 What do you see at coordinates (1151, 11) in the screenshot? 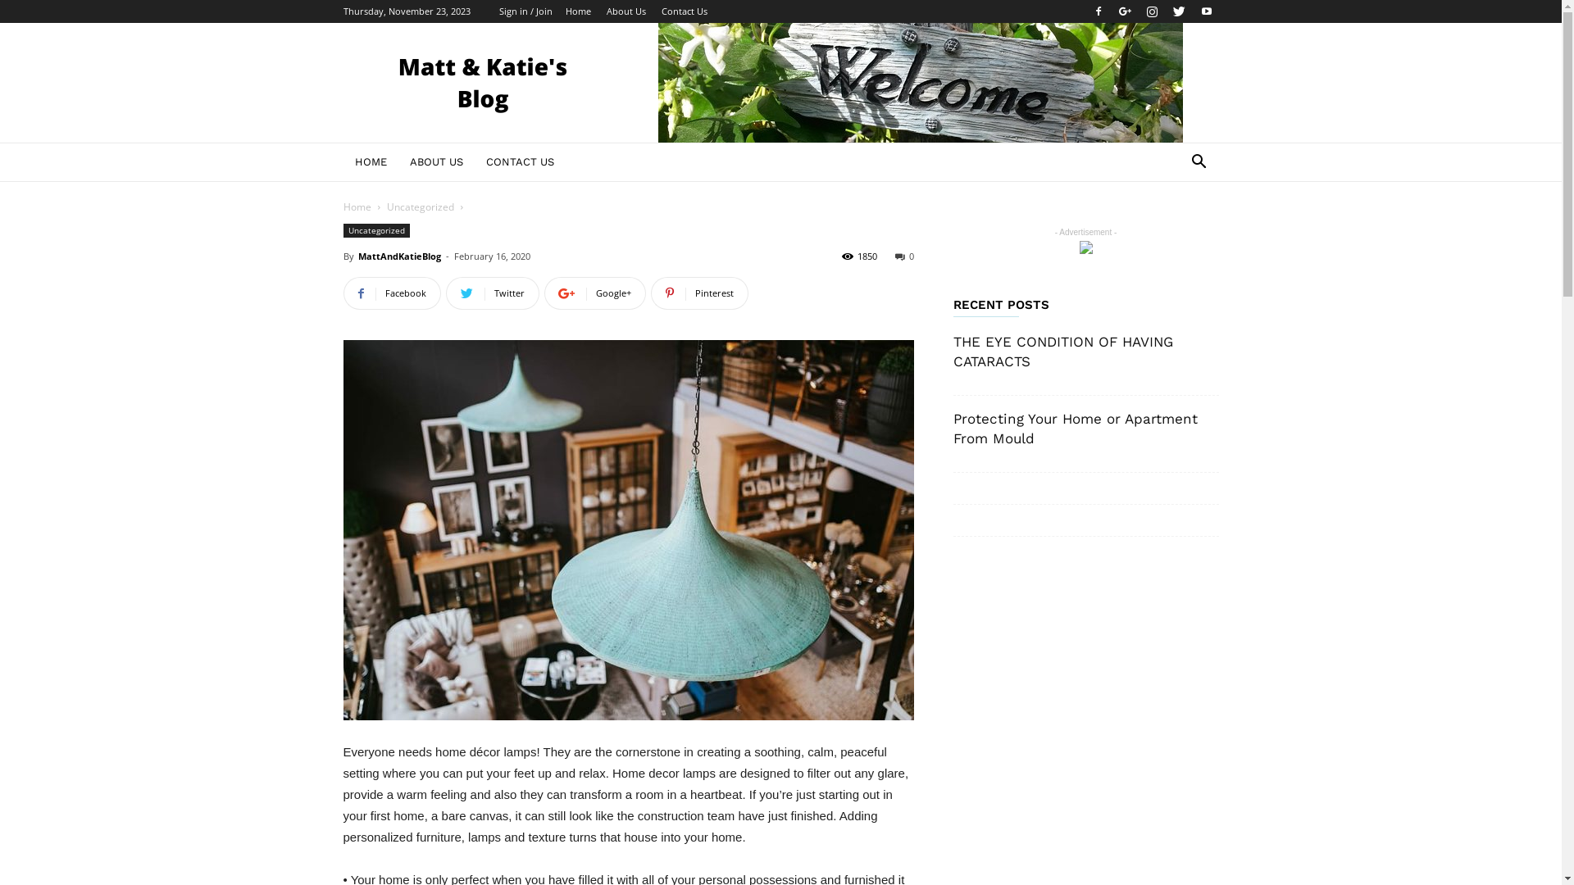
I see `'Instagram'` at bounding box center [1151, 11].